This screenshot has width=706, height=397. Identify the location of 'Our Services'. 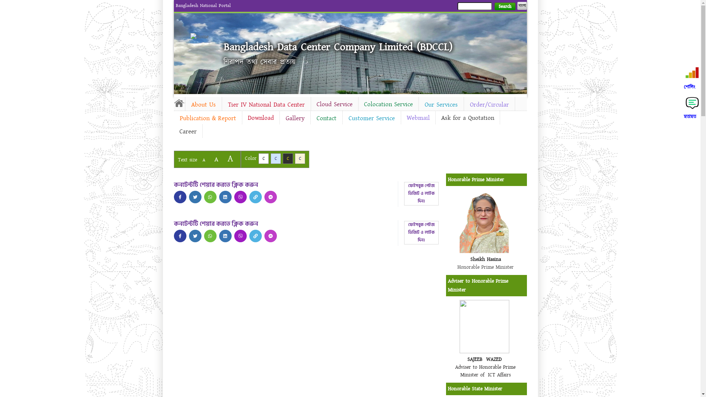
(418, 105).